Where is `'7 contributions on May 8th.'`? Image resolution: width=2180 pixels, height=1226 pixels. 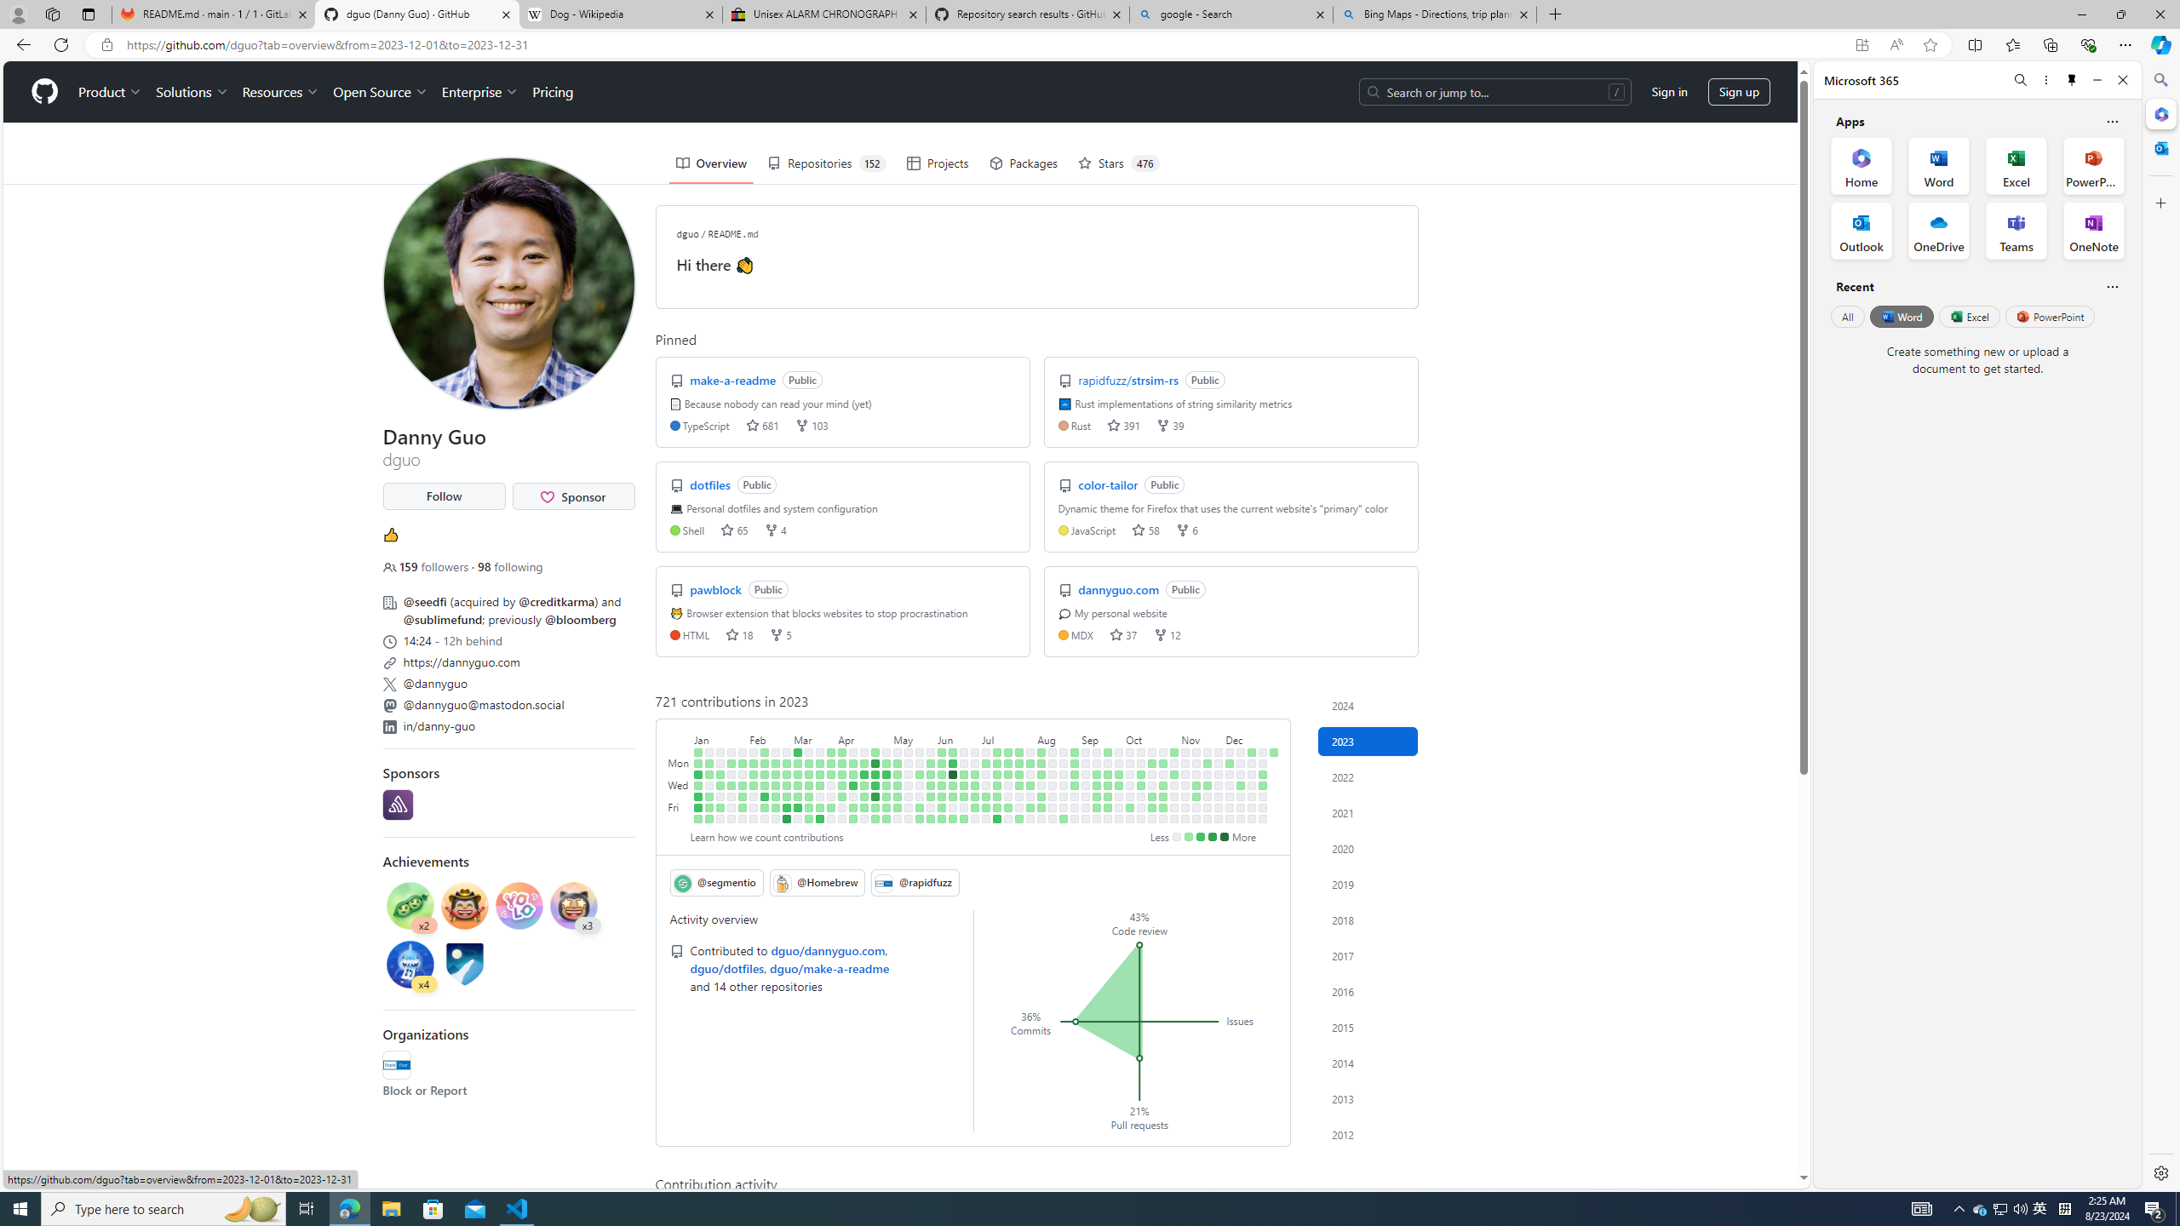 '7 contributions on May 8th.' is located at coordinates (897, 763).